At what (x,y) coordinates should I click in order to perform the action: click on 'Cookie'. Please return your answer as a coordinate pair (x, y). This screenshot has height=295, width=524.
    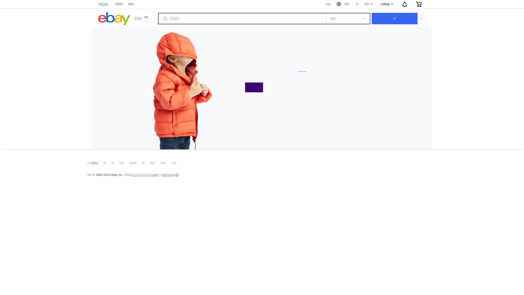
    Looking at the image, I should click on (149, 175).